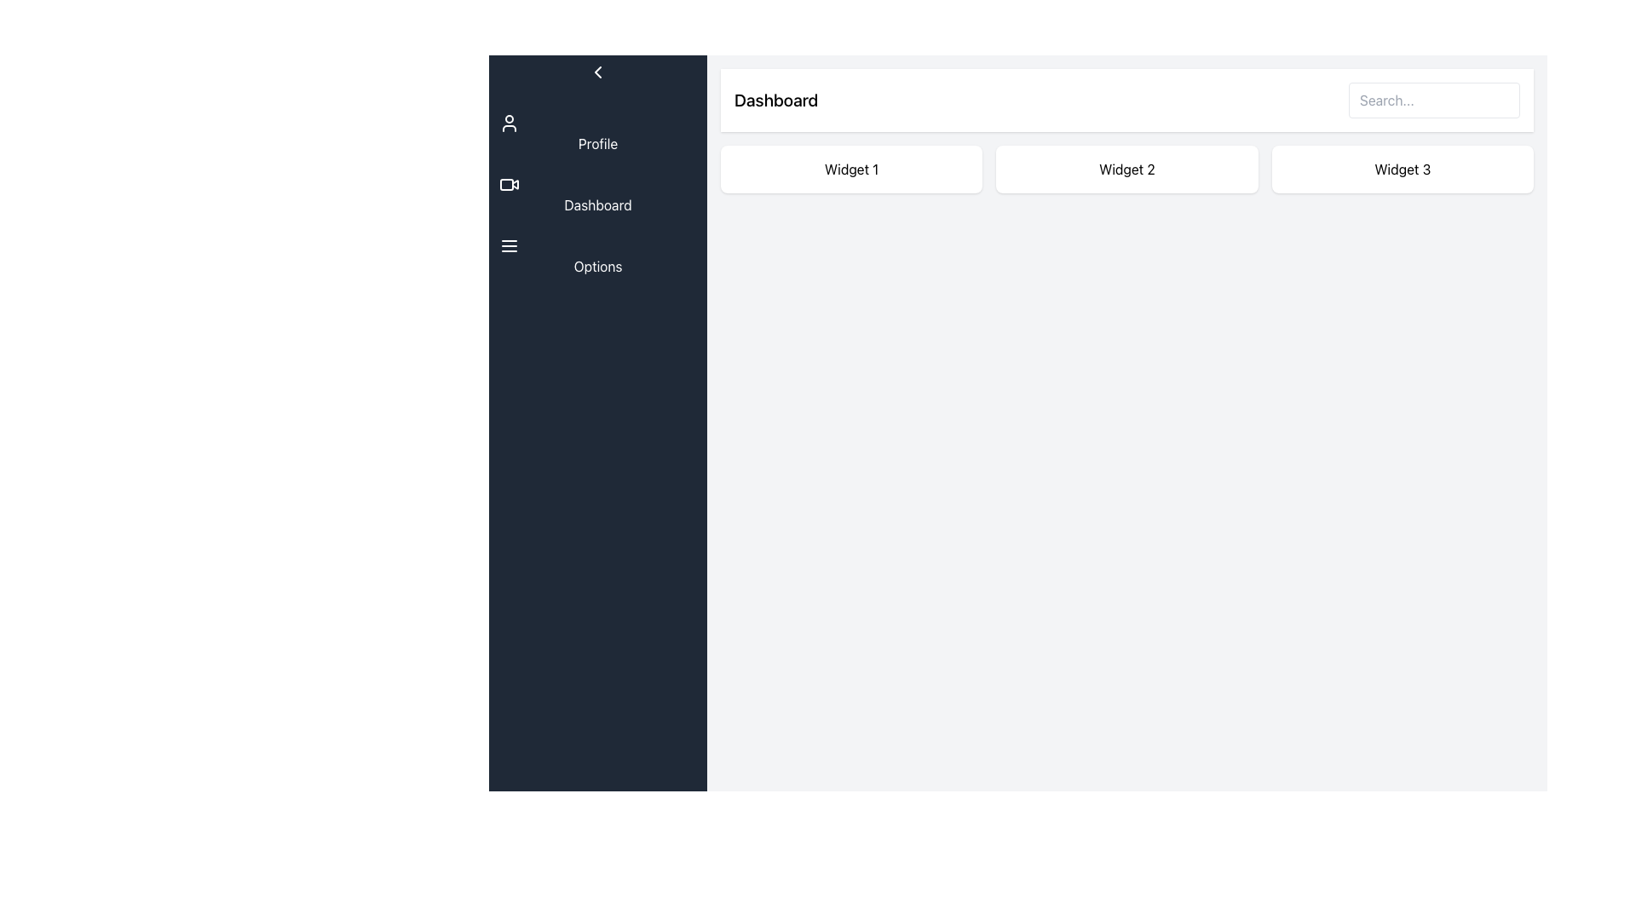 This screenshot has width=1636, height=920. Describe the element at coordinates (597, 256) in the screenshot. I see `the 'Options' button located in the left navigation panel, which has a dark background and a menu-style icon with three horizontal lines above the label` at that location.